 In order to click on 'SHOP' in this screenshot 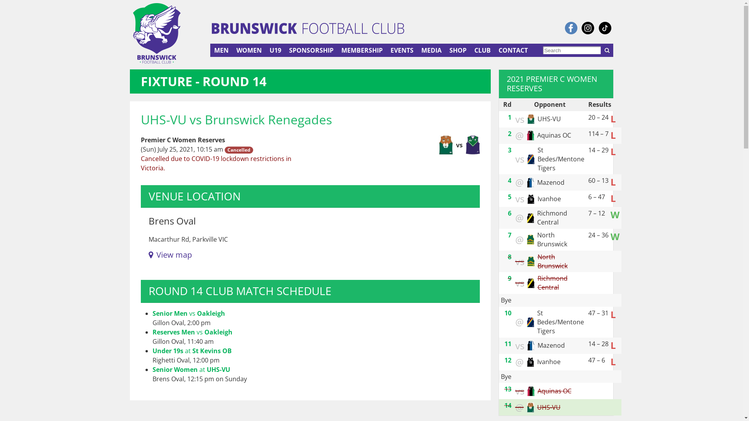, I will do `click(458, 50)`.